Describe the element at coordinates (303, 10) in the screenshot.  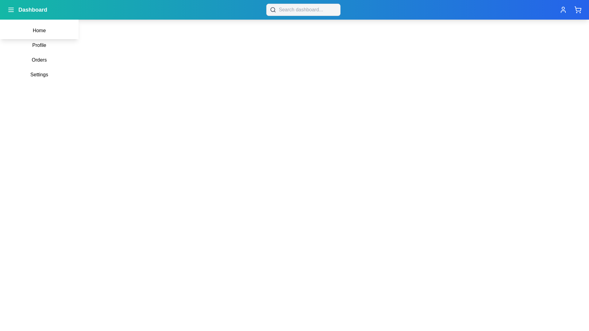
I see `the search bar input field with the placeholder text 'Search dashboard...'` at that location.